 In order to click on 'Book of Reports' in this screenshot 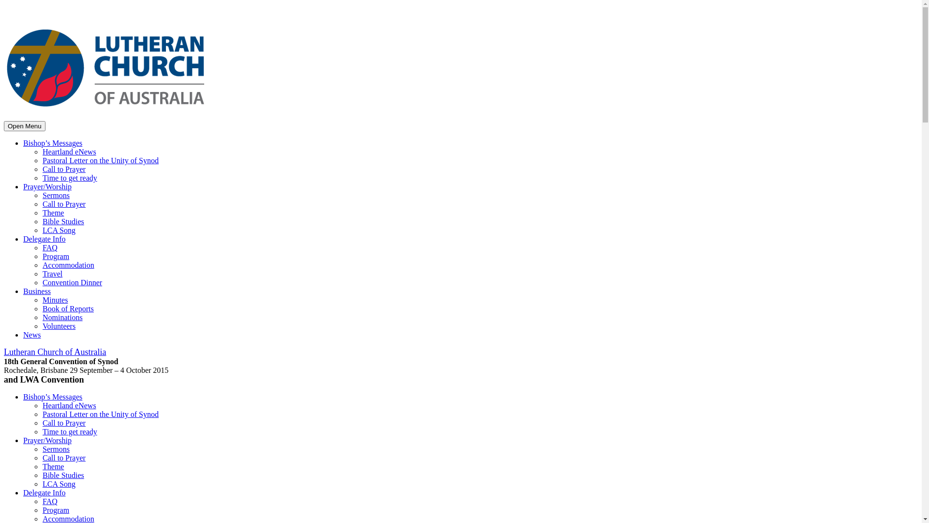, I will do `click(67, 308)`.